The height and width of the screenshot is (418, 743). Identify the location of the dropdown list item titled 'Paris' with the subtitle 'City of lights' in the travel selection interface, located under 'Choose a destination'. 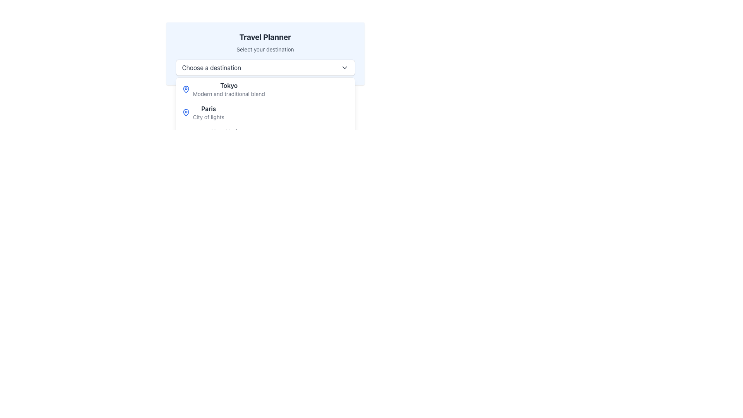
(265, 112).